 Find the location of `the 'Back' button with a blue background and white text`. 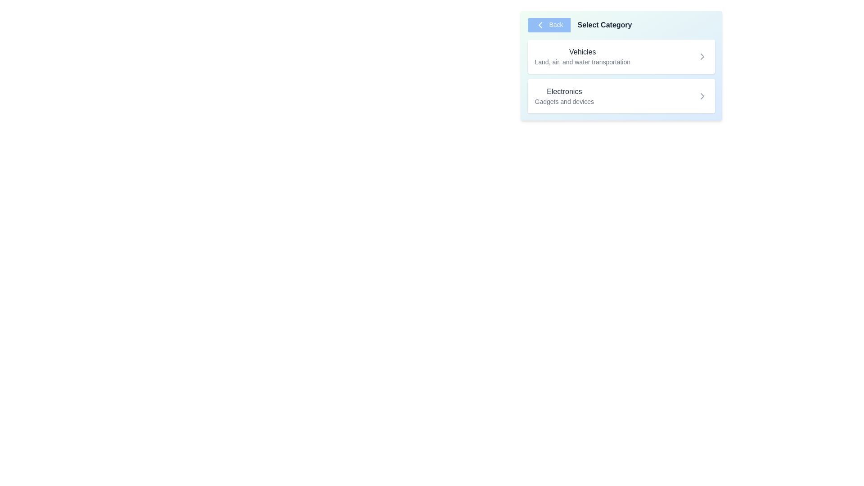

the 'Back' button with a blue background and white text is located at coordinates (548, 25).